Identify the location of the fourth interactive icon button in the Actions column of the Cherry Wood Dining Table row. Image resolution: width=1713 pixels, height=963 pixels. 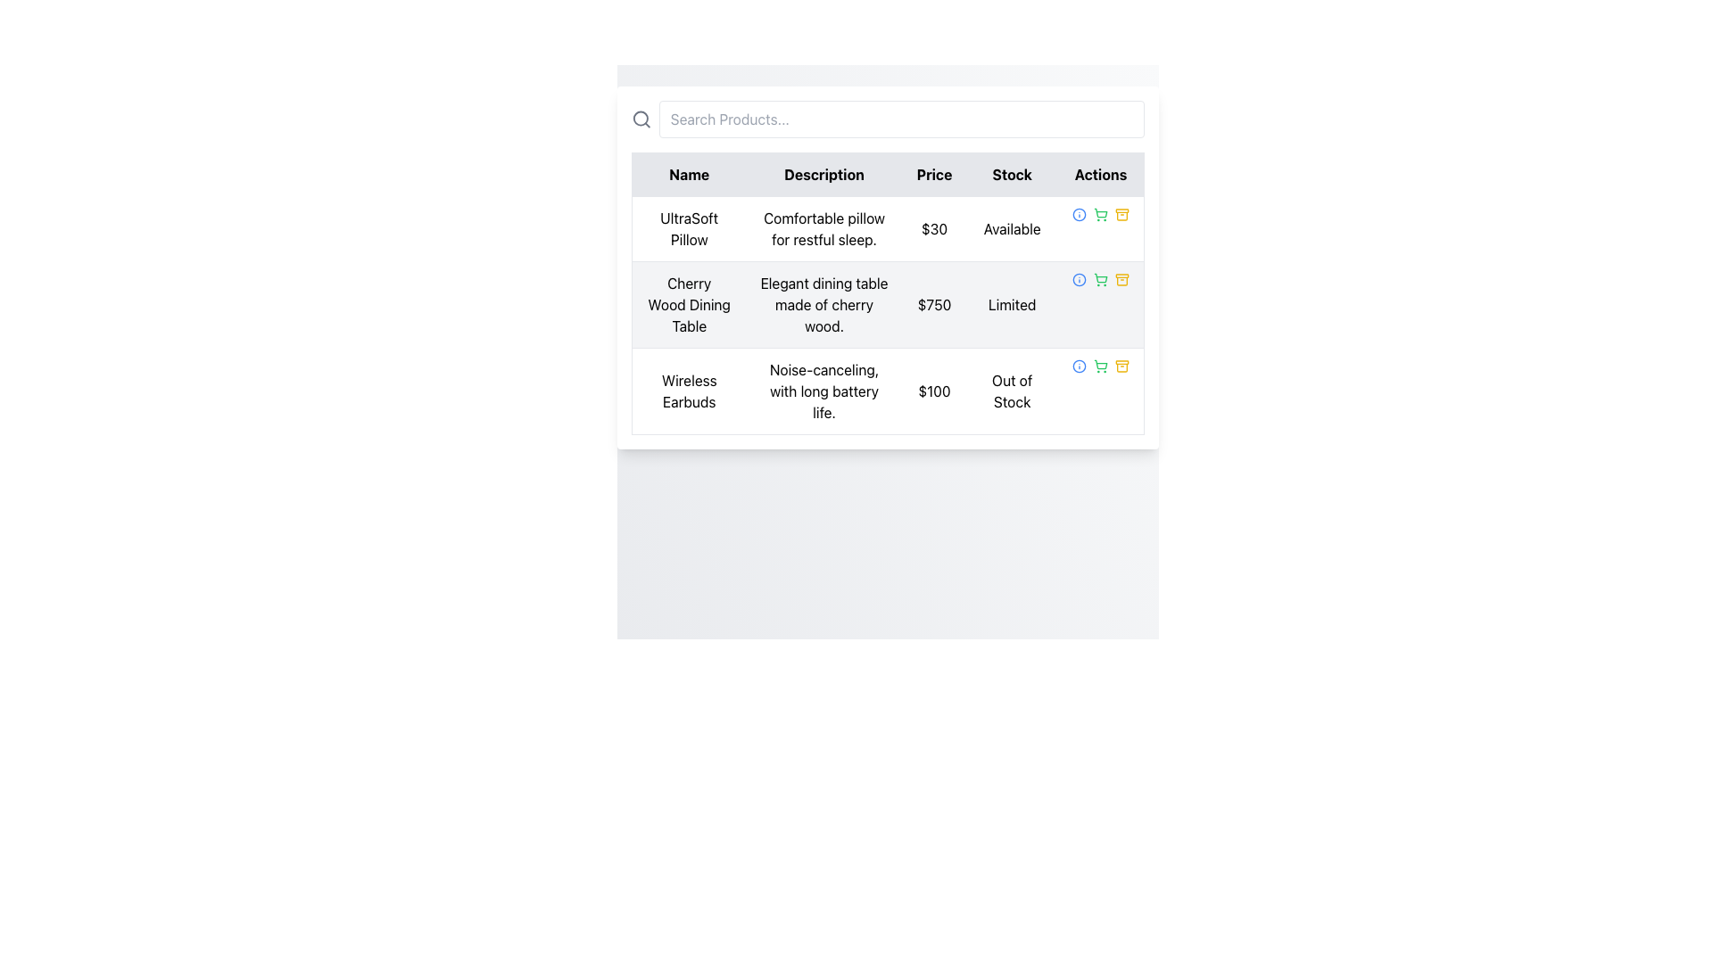
(1121, 279).